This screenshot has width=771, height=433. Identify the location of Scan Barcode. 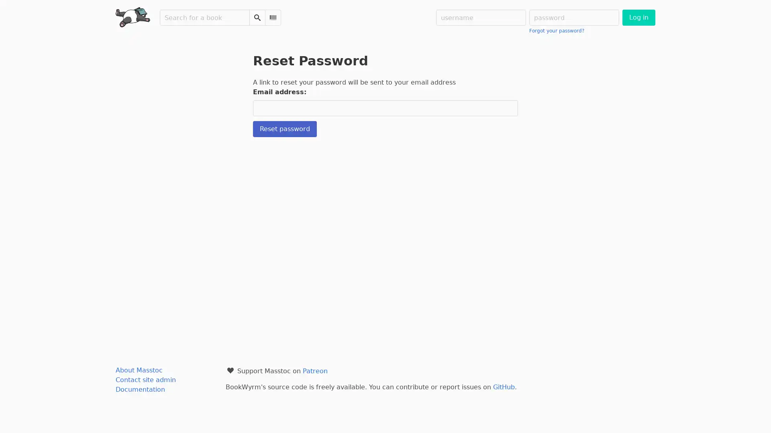
(273, 17).